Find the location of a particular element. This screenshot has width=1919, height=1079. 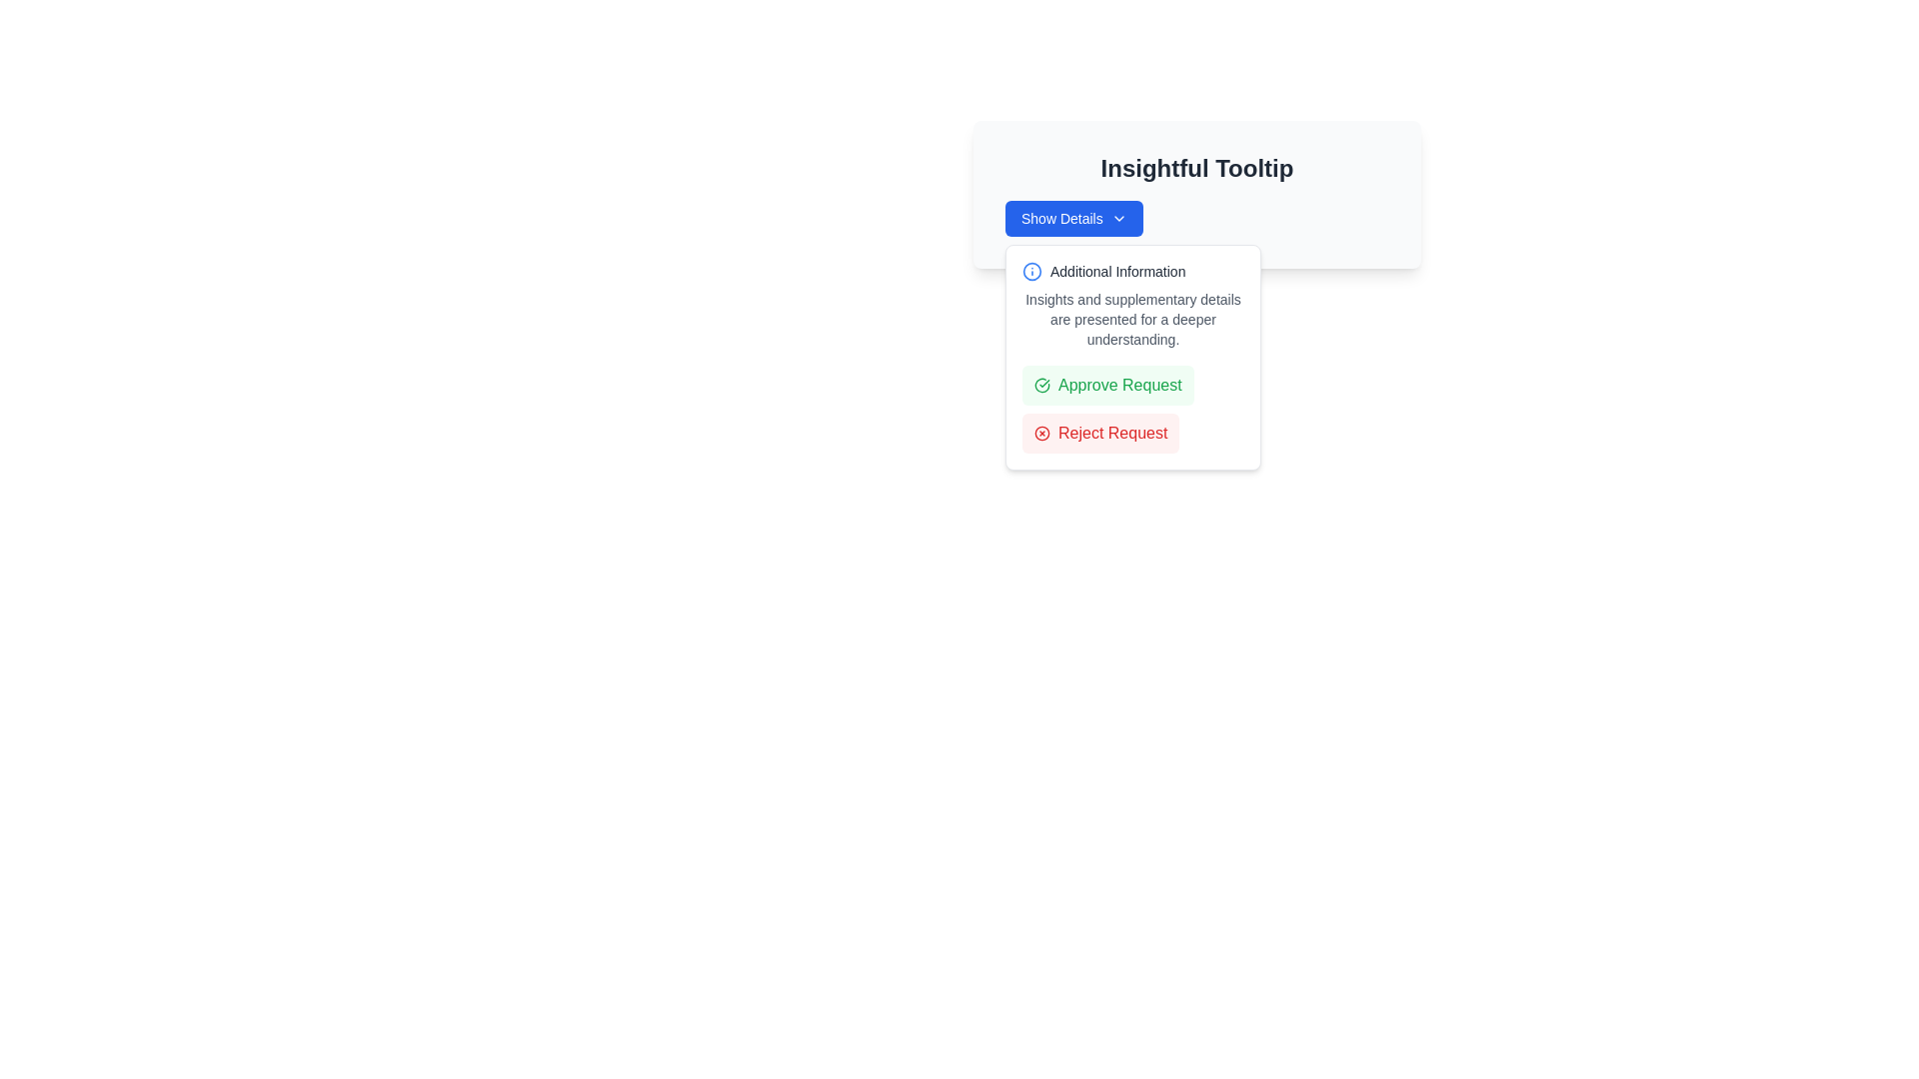

the green button labeled 'Approve Request' with a checkmark icon to approve is located at coordinates (1106, 385).